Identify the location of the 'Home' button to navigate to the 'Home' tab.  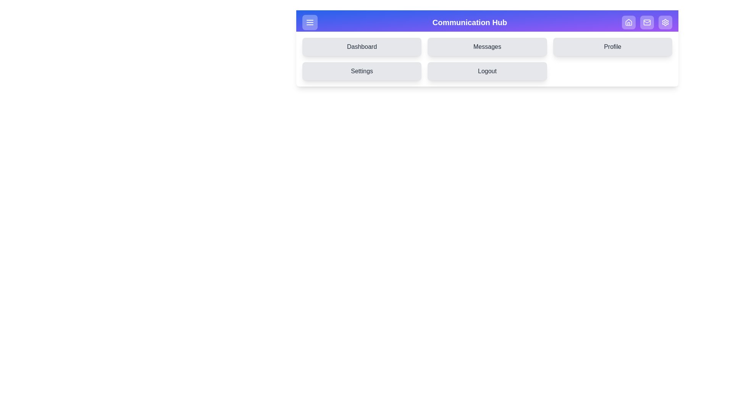
(628, 22).